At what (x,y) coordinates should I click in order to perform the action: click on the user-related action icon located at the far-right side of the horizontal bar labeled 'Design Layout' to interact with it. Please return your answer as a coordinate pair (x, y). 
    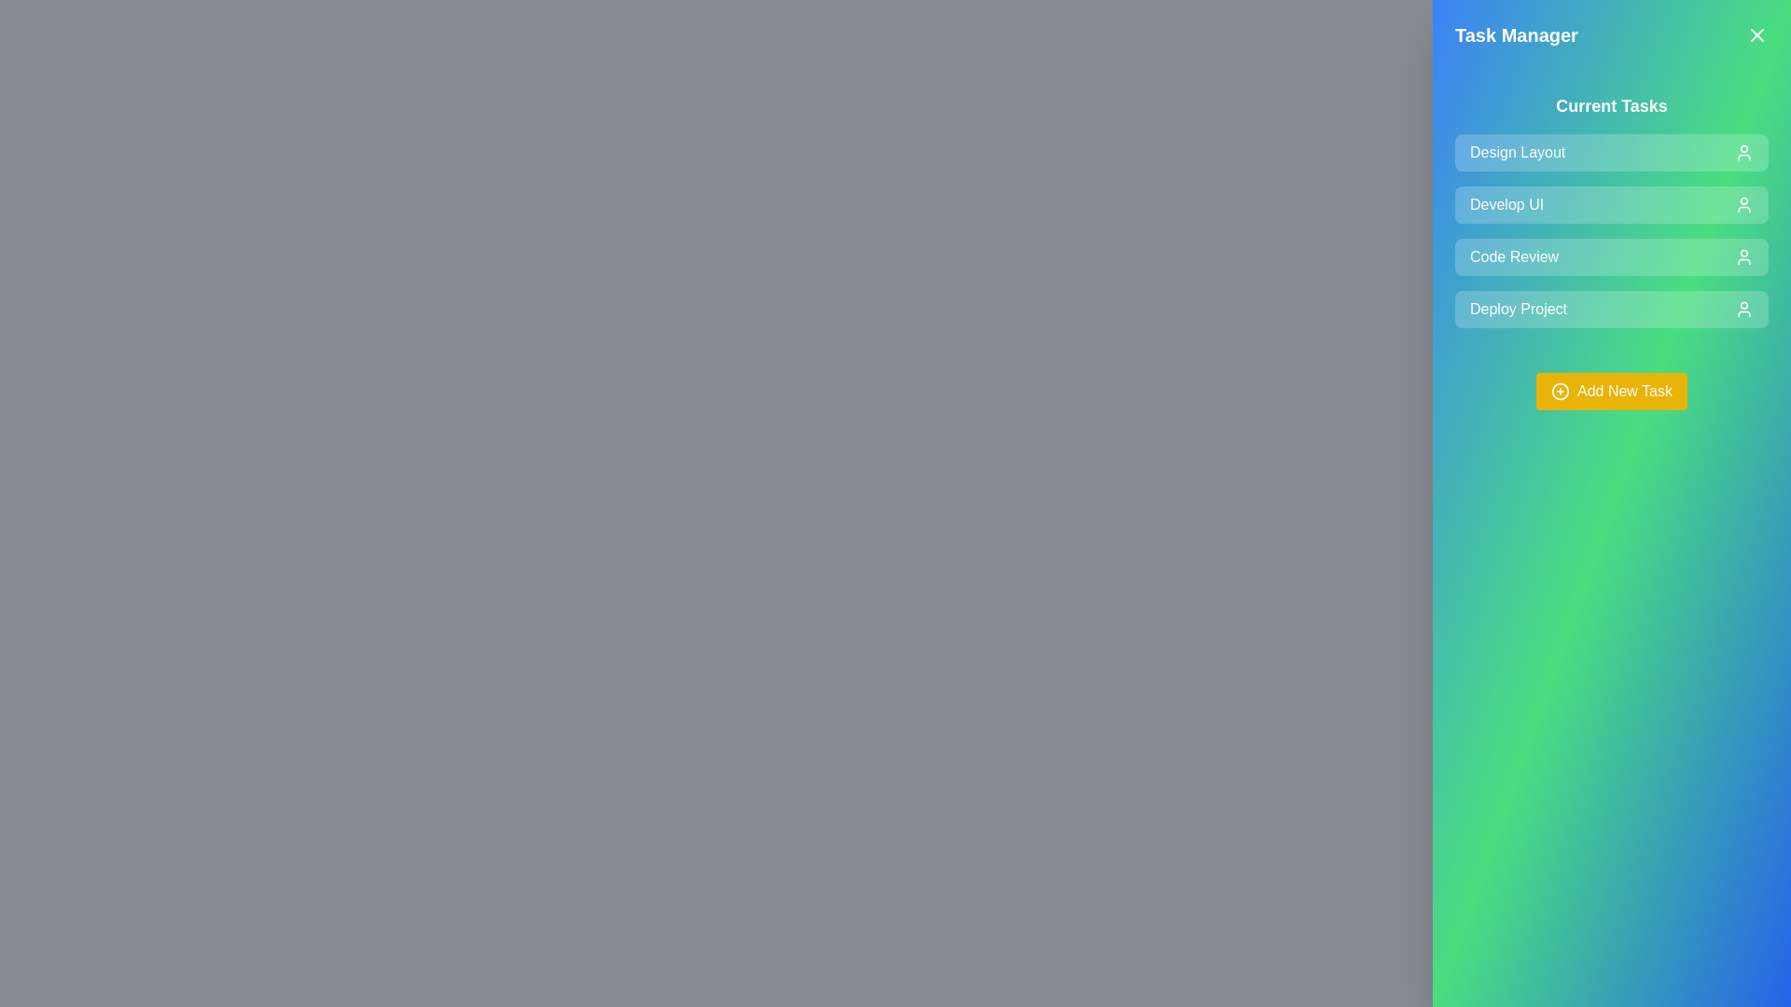
    Looking at the image, I should click on (1743, 152).